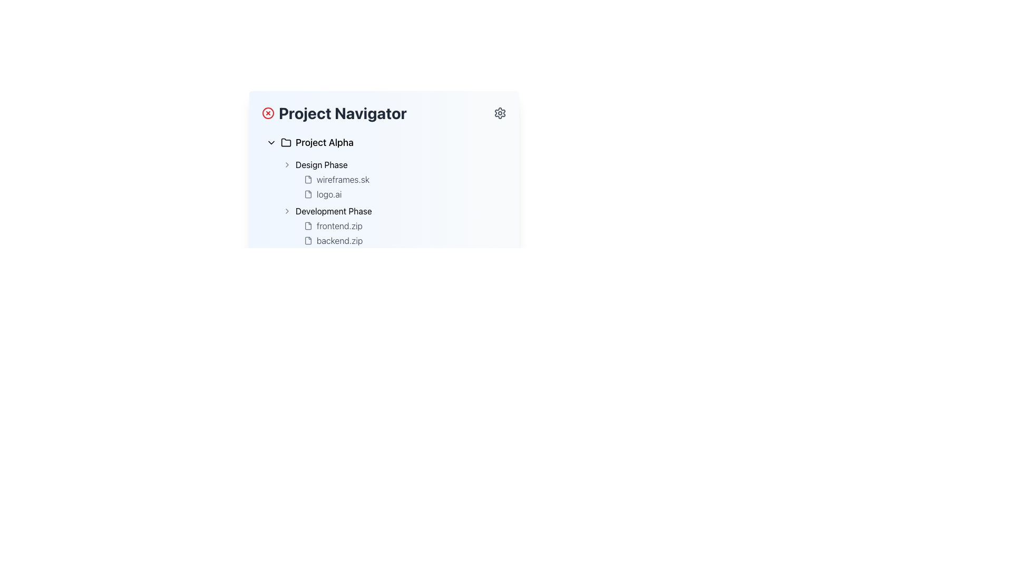 Image resolution: width=1012 pixels, height=569 pixels. What do you see at coordinates (287, 211) in the screenshot?
I see `the small right-pointing chevron icon beside the text labeled 'Development Phase'` at bounding box center [287, 211].